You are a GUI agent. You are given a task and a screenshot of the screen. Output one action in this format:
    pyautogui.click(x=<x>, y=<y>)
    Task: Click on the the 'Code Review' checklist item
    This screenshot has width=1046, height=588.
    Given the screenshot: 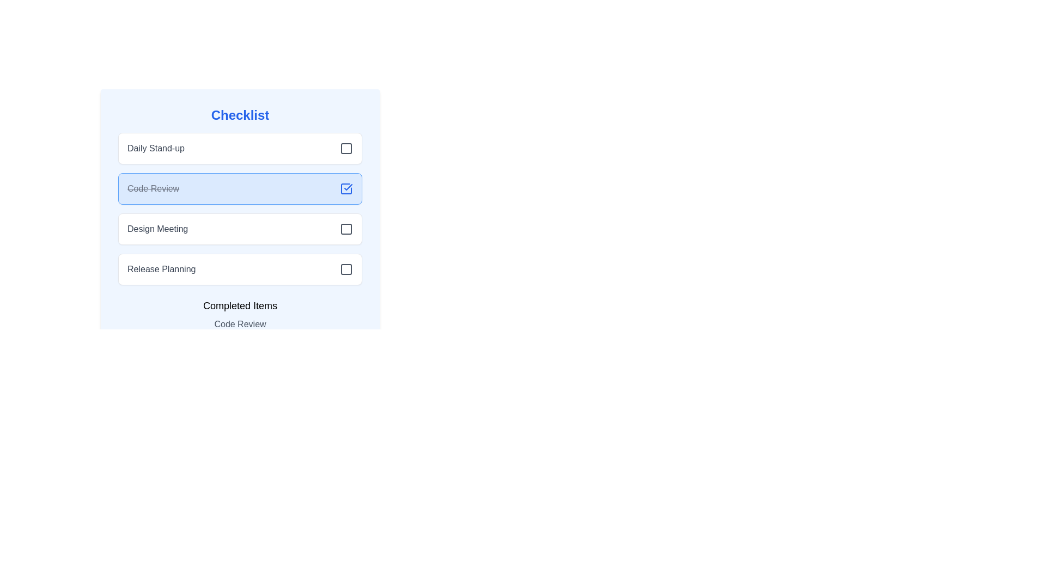 What is the action you would take?
    pyautogui.click(x=240, y=203)
    